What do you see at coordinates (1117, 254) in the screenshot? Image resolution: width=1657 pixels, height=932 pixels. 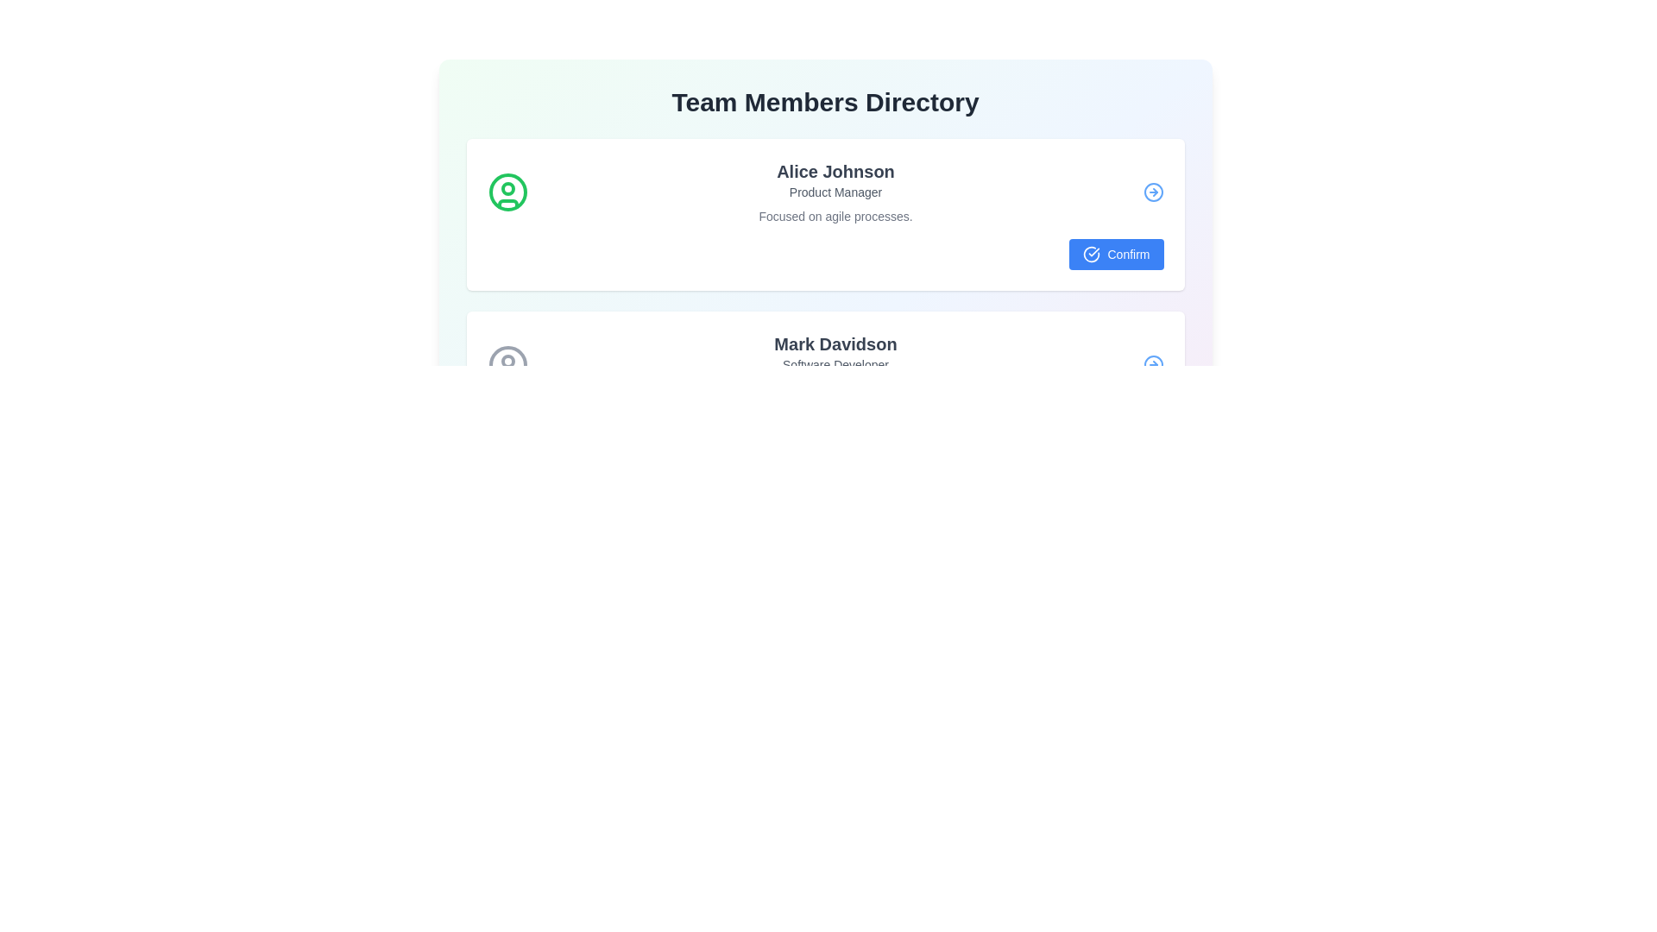 I see `confirm button for Alice Johnson` at bounding box center [1117, 254].